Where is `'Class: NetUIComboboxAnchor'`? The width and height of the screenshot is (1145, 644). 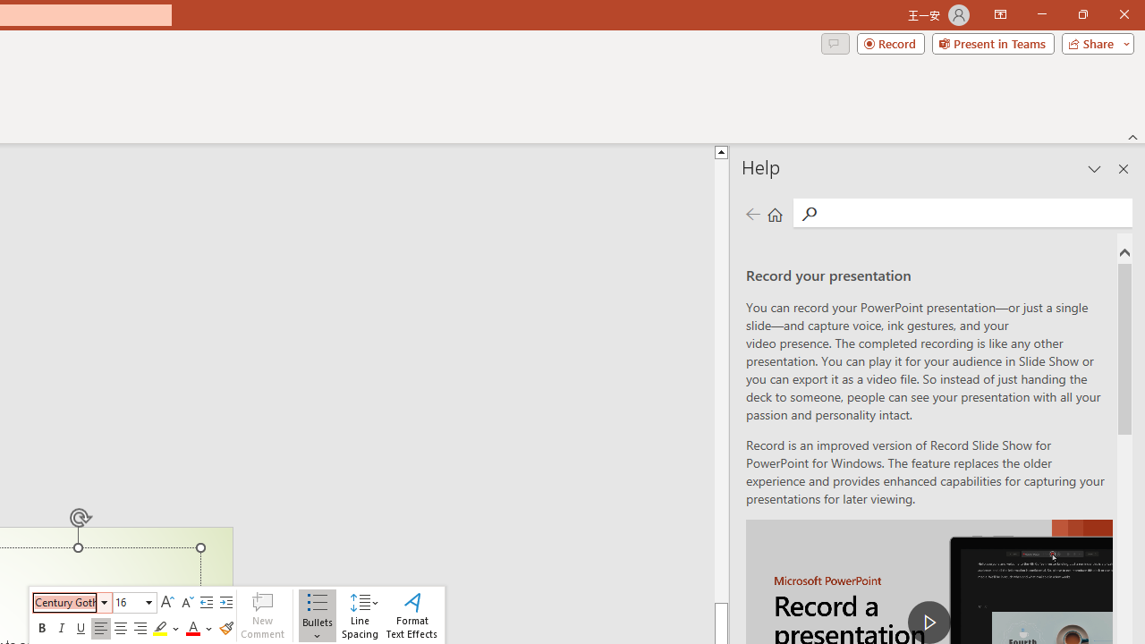
'Class: NetUIComboboxAnchor' is located at coordinates (134, 602).